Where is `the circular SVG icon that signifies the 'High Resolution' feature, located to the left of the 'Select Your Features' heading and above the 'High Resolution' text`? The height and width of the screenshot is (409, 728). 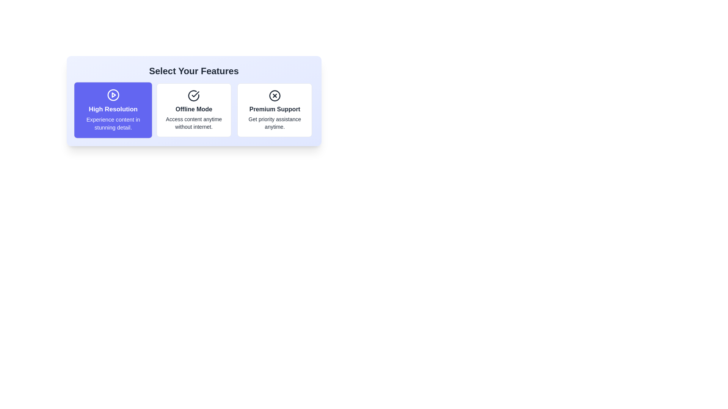 the circular SVG icon that signifies the 'High Resolution' feature, located to the left of the 'Select Your Features' heading and above the 'High Resolution' text is located at coordinates (113, 95).